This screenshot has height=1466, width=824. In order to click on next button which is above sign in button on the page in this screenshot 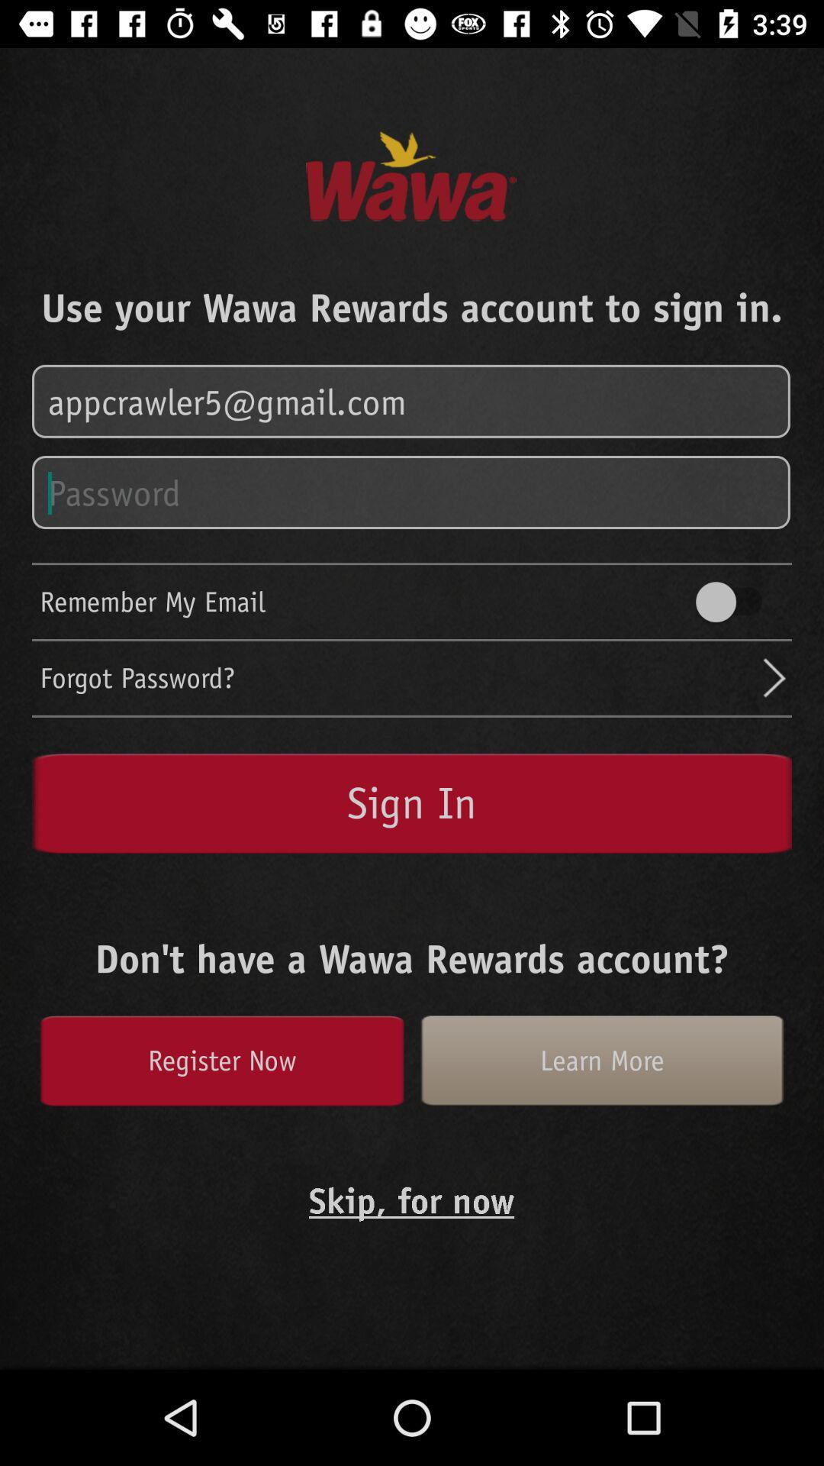, I will do `click(775, 677)`.